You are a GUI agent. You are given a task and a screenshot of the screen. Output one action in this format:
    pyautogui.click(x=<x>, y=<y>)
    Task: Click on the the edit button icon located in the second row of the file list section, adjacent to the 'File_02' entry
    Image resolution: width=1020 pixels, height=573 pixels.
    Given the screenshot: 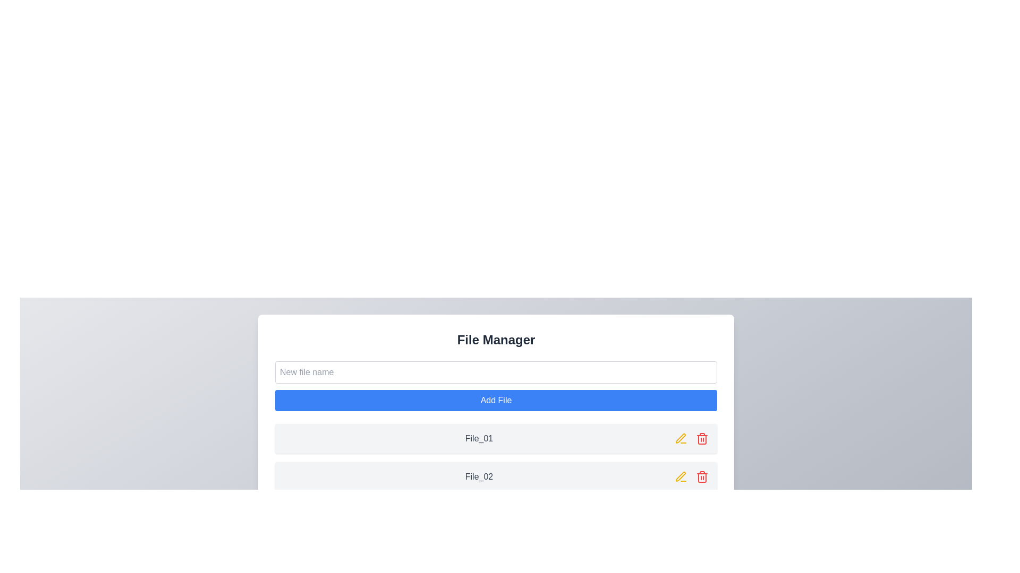 What is the action you would take?
    pyautogui.click(x=681, y=438)
    